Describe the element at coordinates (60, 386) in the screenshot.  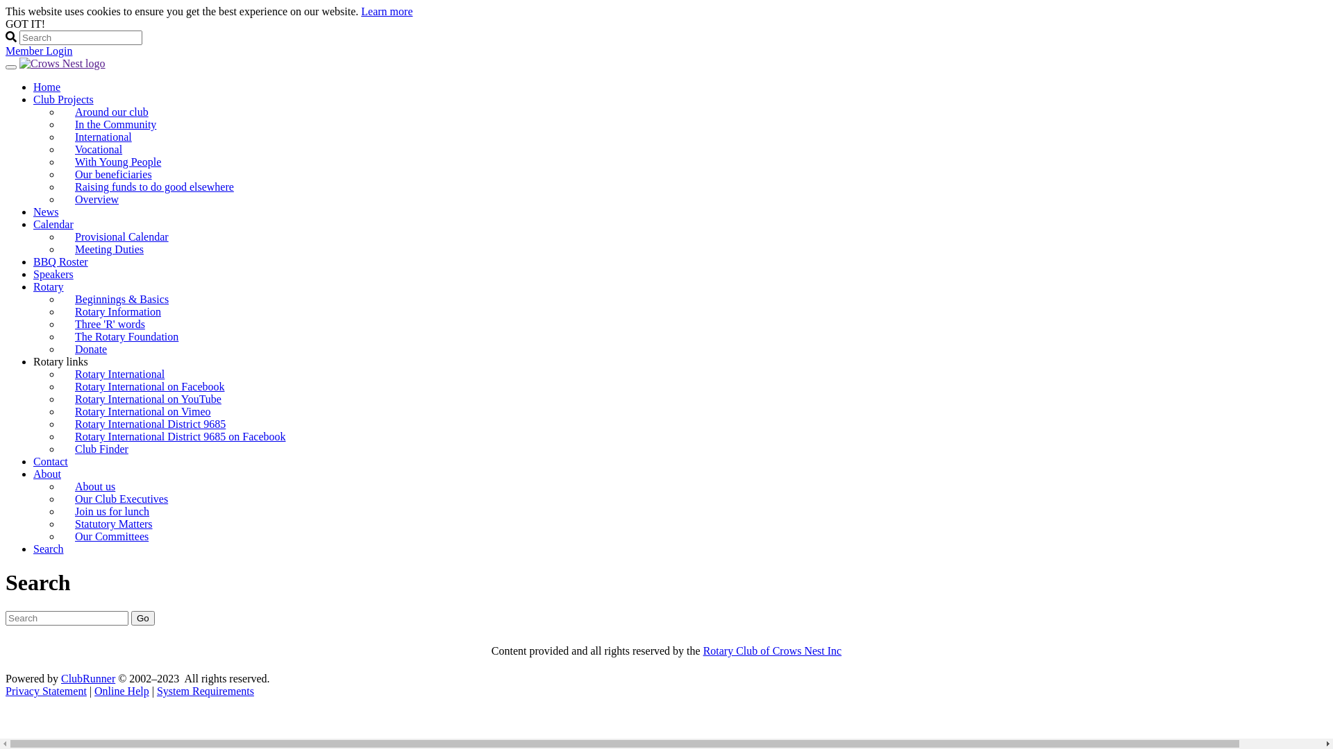
I see `'Rotary International on Facebook'` at that location.